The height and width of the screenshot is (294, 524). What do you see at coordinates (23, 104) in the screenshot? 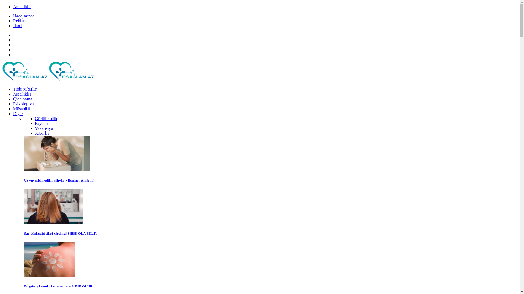
I see `'Psixologiya'` at bounding box center [23, 104].